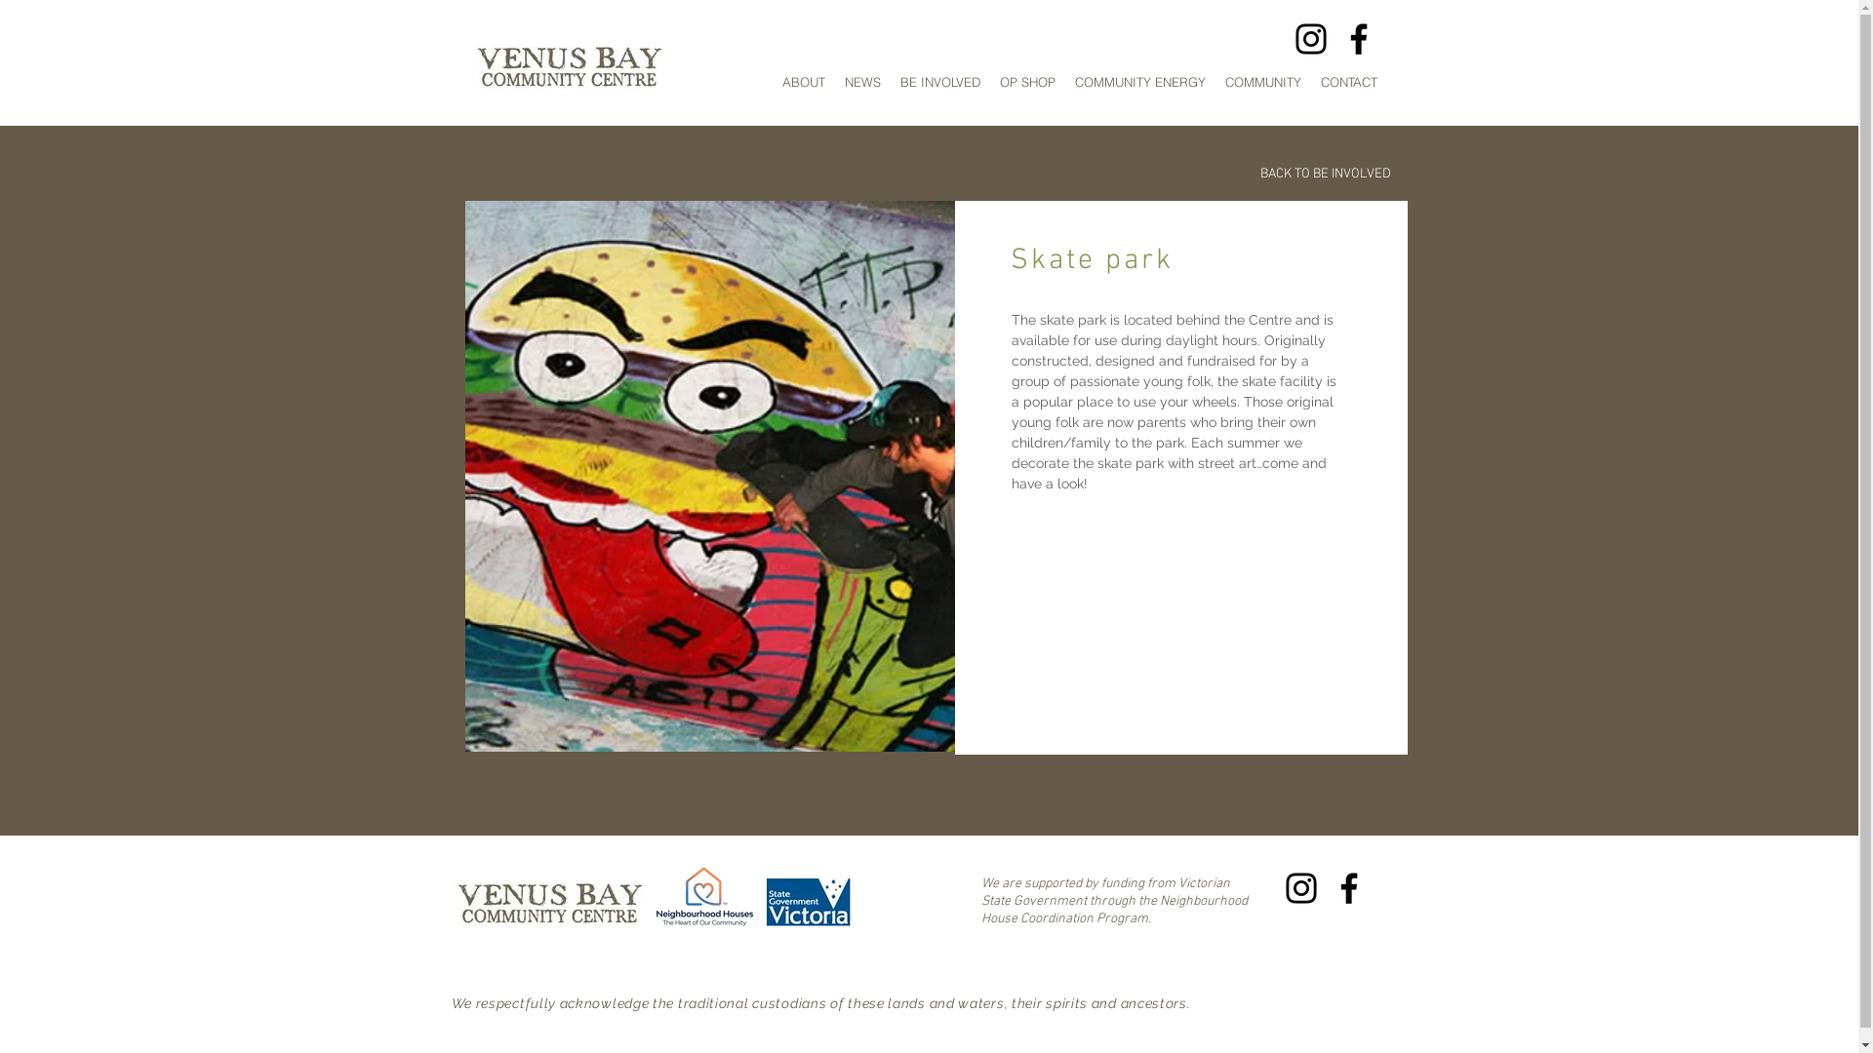  What do you see at coordinates (656, 897) in the screenshot?
I see `'Sector Portrait Colour_Small.png'` at bounding box center [656, 897].